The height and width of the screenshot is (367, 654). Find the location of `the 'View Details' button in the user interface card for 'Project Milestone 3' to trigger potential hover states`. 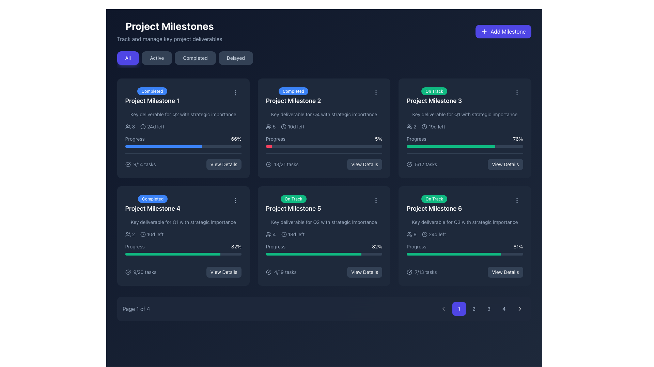

the 'View Details' button in the user interface card for 'Project Milestone 3' to trigger potential hover states is located at coordinates (505, 164).